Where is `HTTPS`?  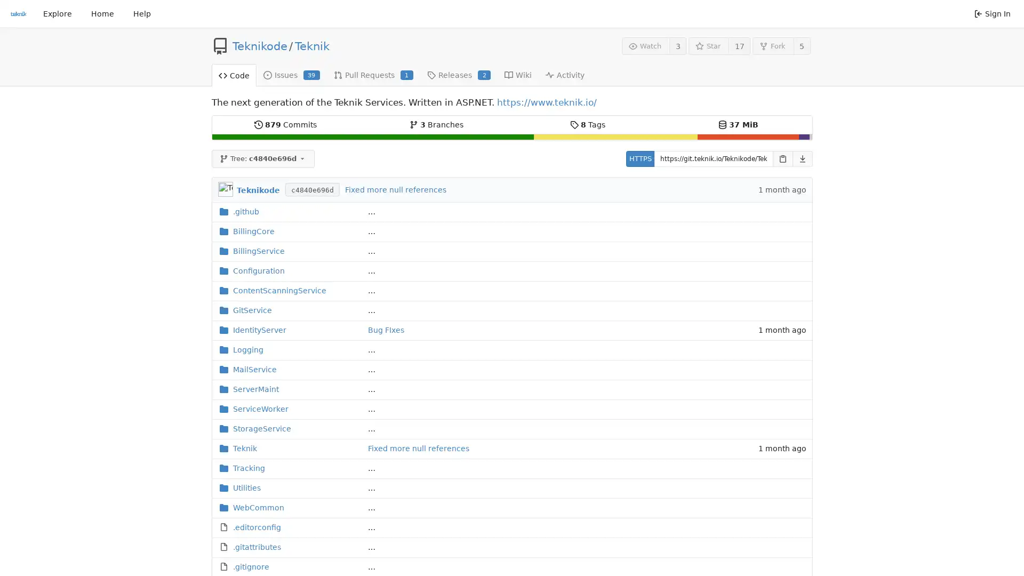 HTTPS is located at coordinates (639, 158).